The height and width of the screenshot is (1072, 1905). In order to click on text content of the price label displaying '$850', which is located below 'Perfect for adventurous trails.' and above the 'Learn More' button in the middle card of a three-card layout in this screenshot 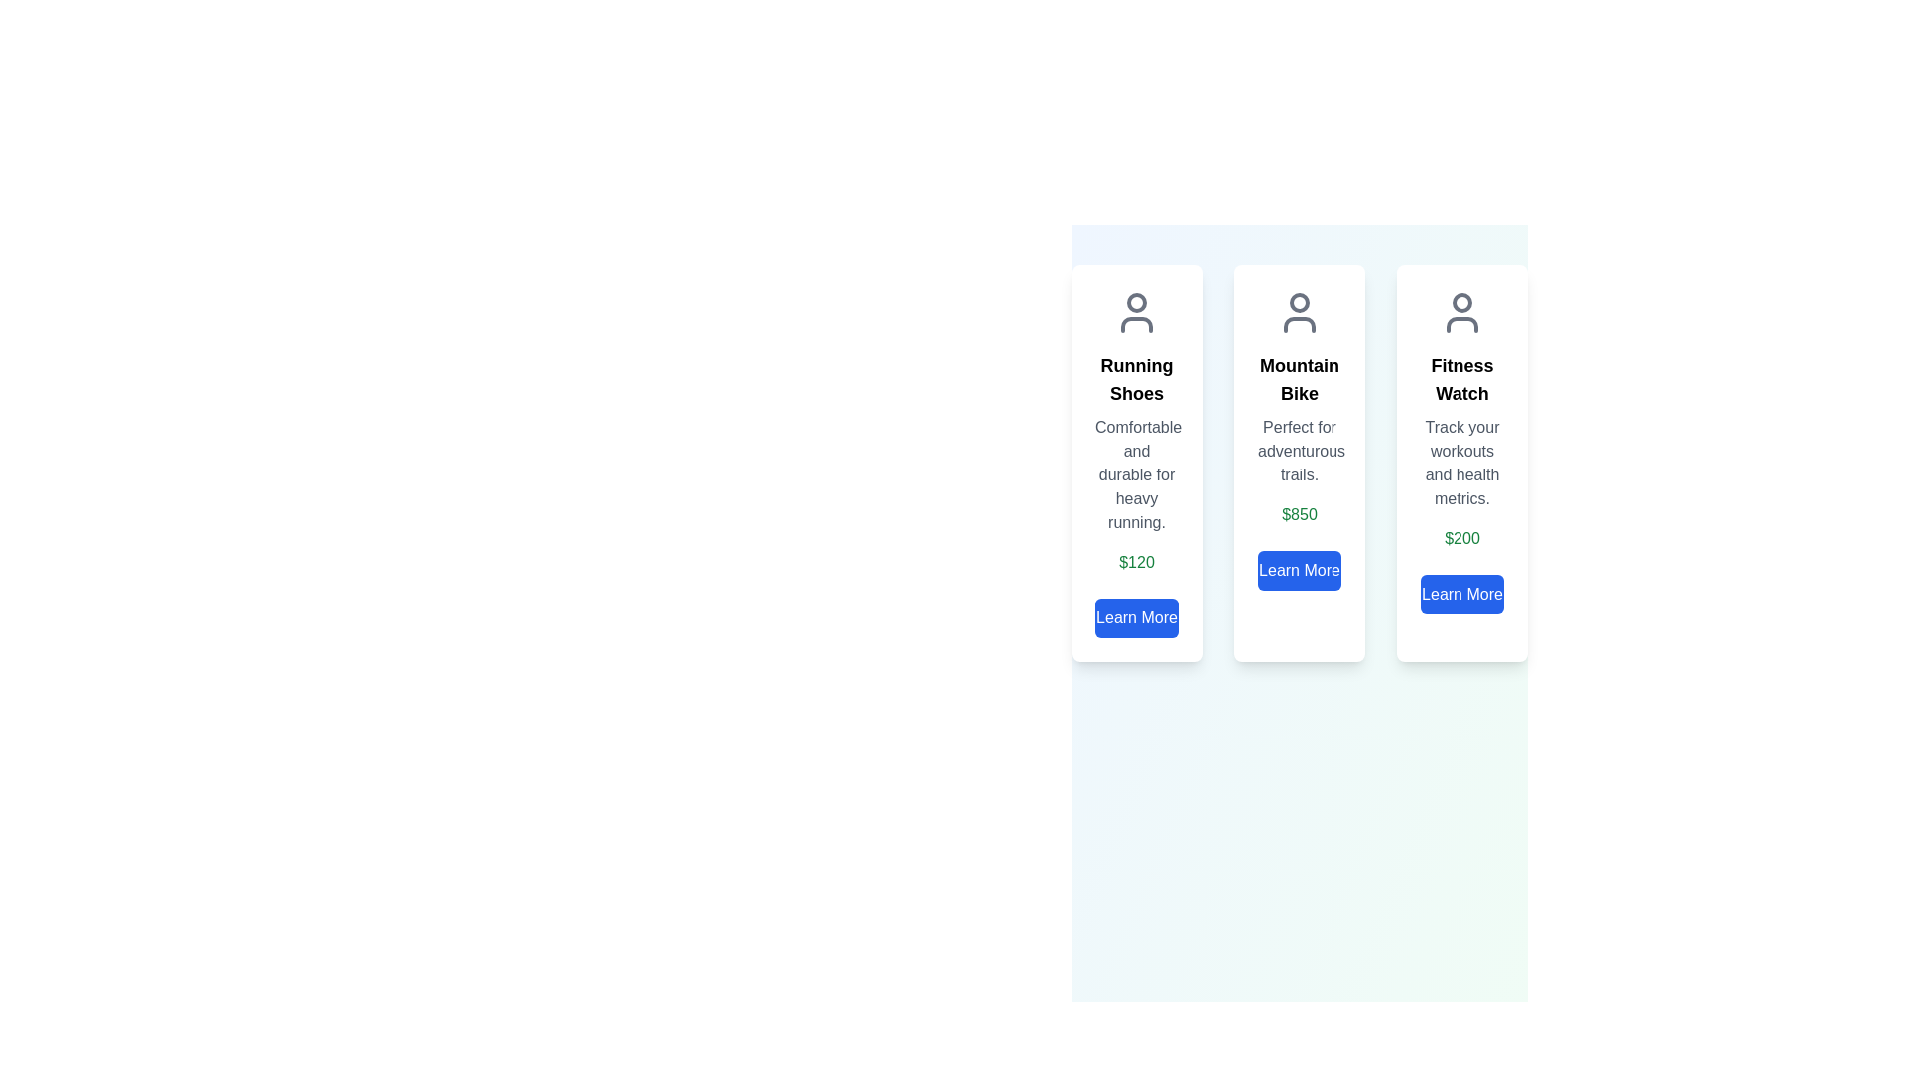, I will do `click(1300, 514)`.